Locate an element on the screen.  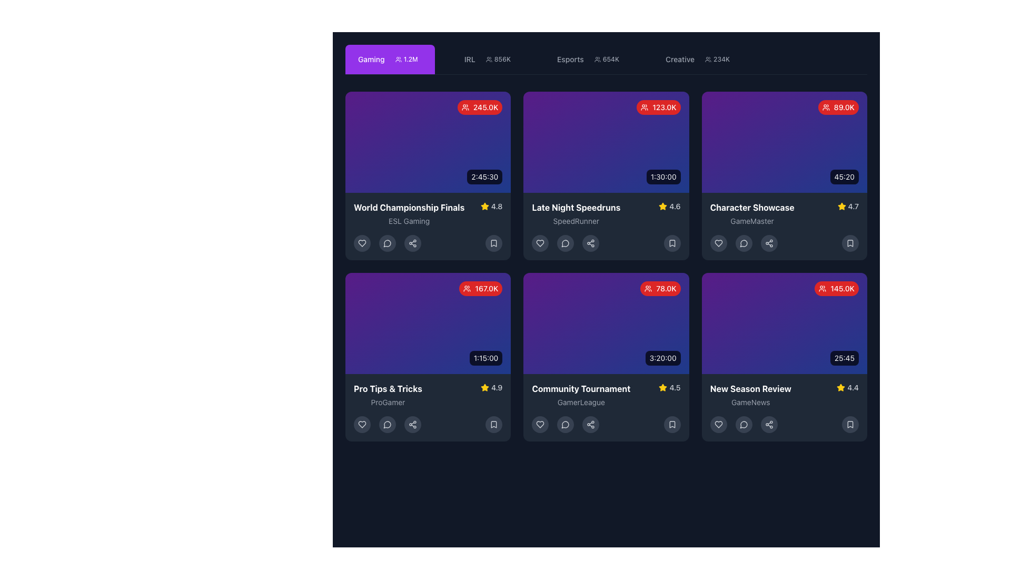
the heart-shaped favorite button located on the first card in the top-left corner of the card grid to mark the content as favorite is located at coordinates (362, 243).